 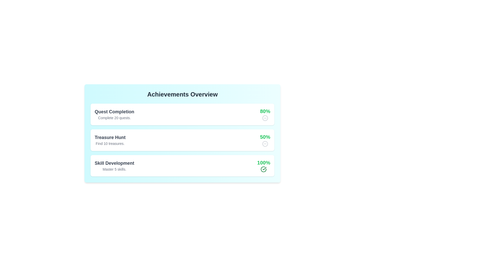 I want to click on the text display showing '100%' in the bottom right corner of the 'Skill Development' card, so click(x=264, y=162).